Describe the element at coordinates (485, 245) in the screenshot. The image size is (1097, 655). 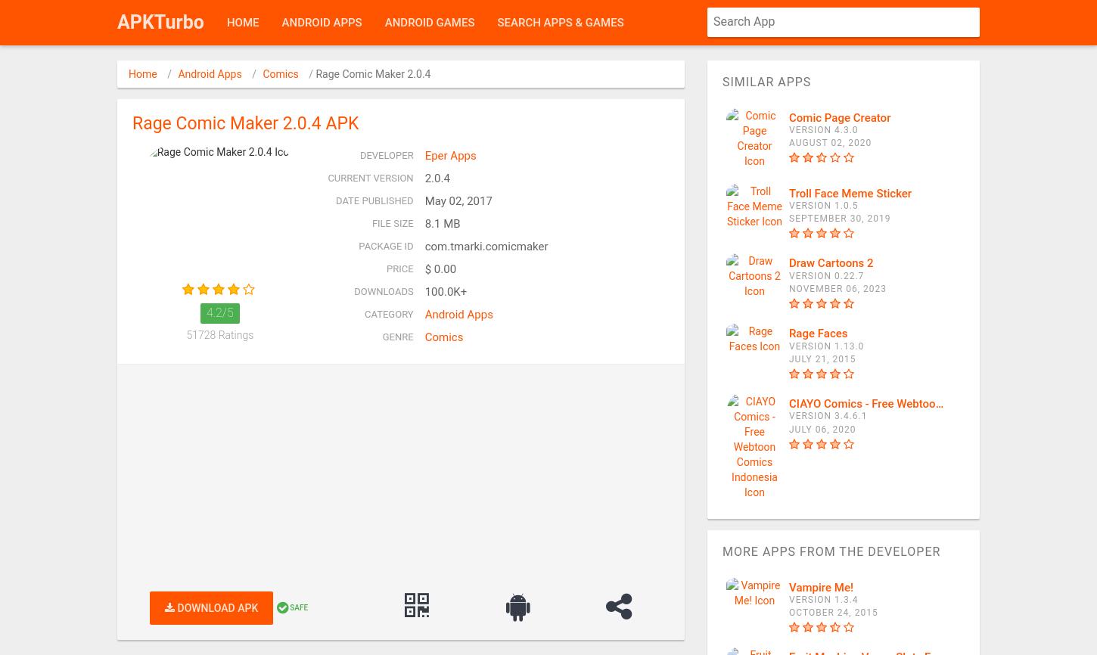
I see `'com.tmarki.comicmaker'` at that location.